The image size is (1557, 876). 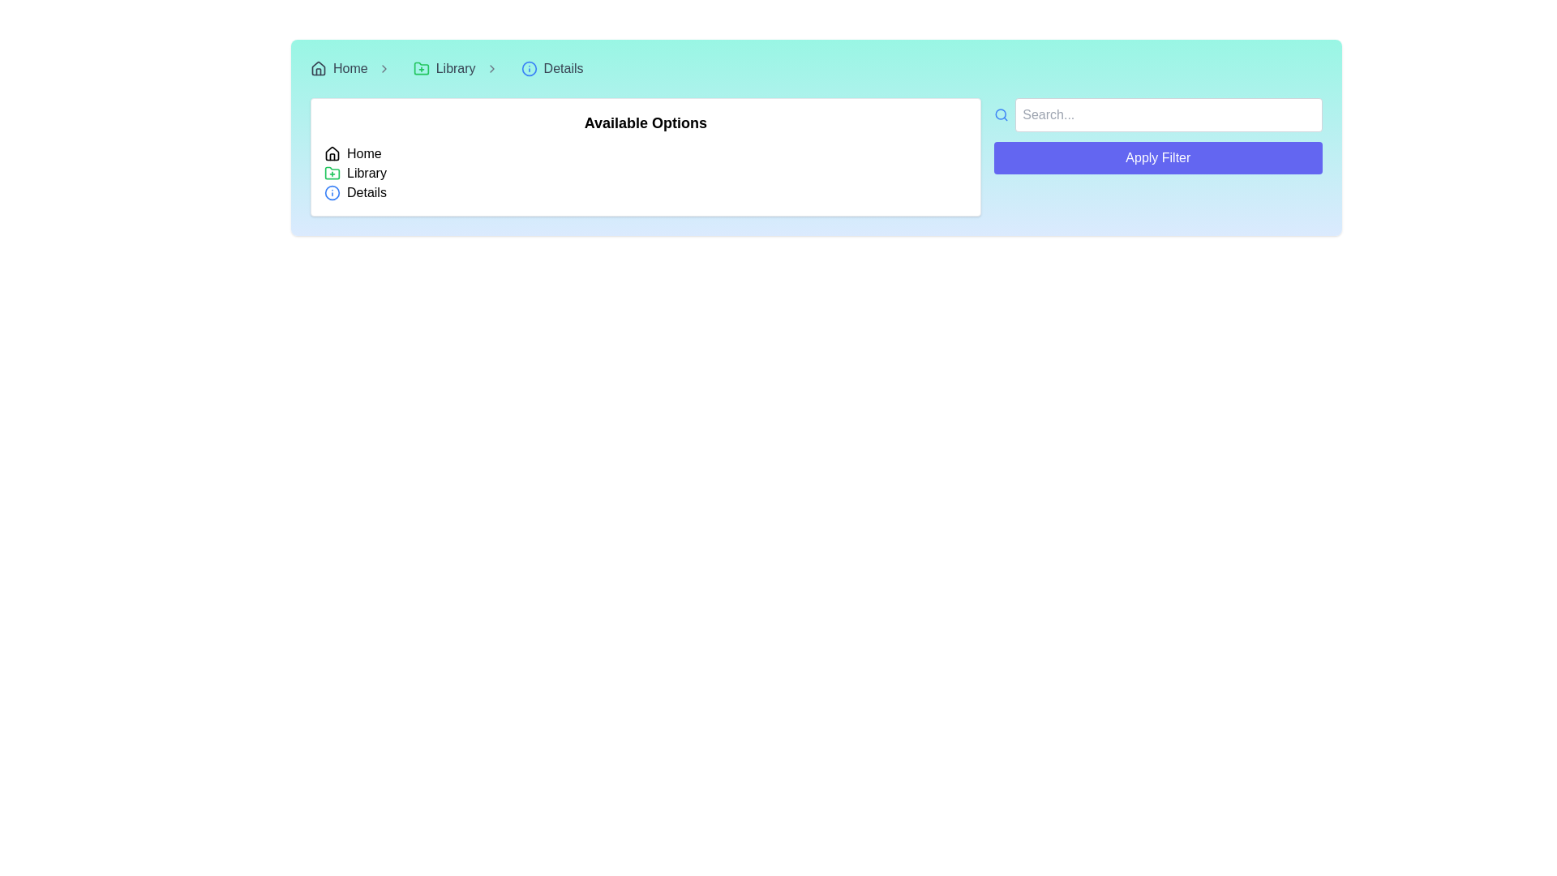 What do you see at coordinates (354, 67) in the screenshot?
I see `the 'Home' breadcrumb navigation item, which displays a text label with a house-shaped icon on its left` at bounding box center [354, 67].